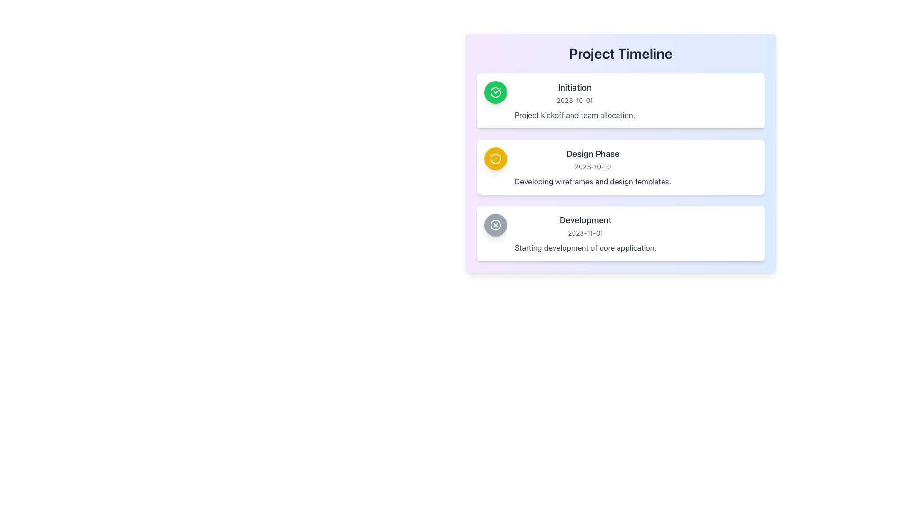  What do you see at coordinates (495, 158) in the screenshot?
I see `the 'Design Phase' icon, which is the second icon in a vertical list within the yellow background of the 'Design Phase' card` at bounding box center [495, 158].